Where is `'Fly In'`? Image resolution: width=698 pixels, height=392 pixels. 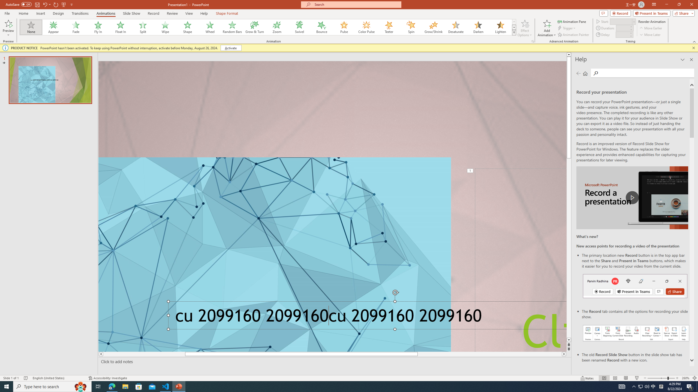
'Fly In' is located at coordinates (98, 27).